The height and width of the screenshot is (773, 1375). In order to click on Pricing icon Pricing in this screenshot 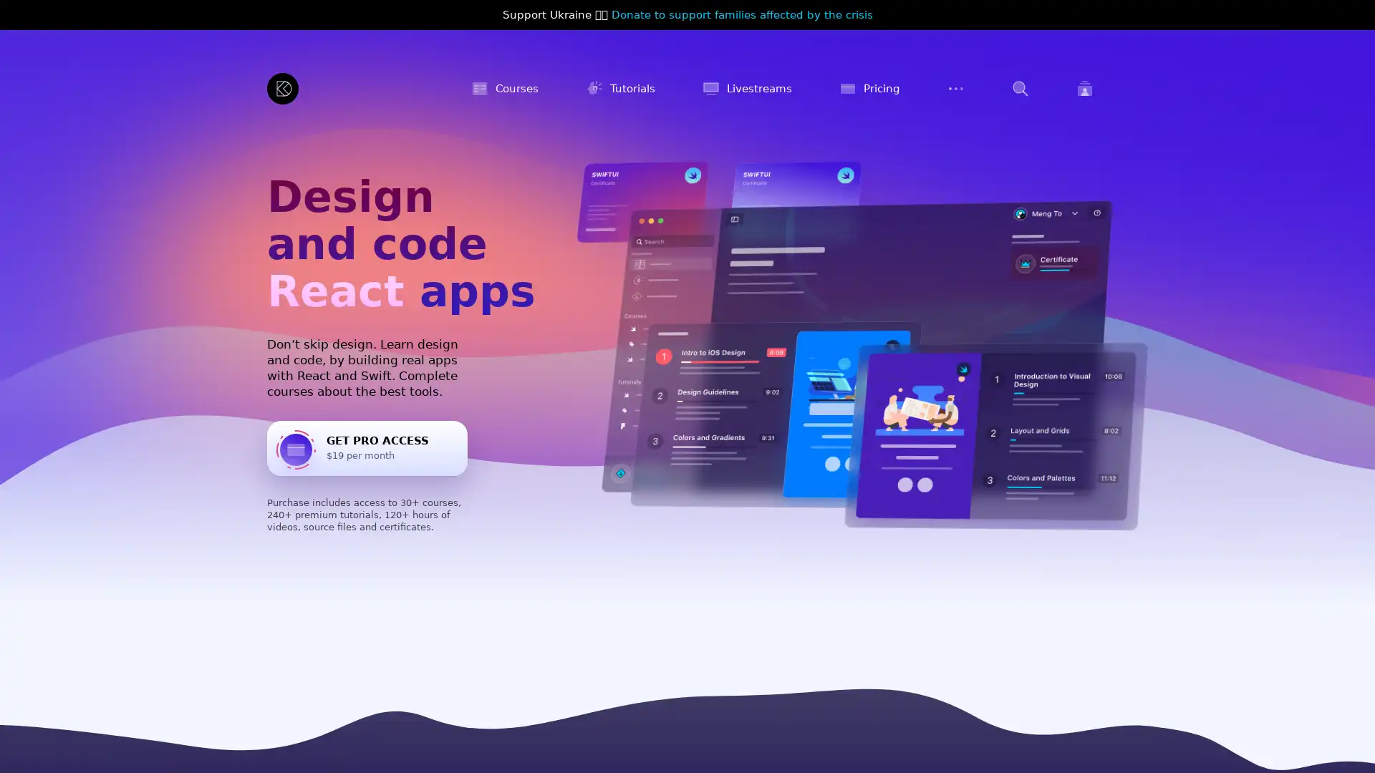, I will do `click(869, 88)`.